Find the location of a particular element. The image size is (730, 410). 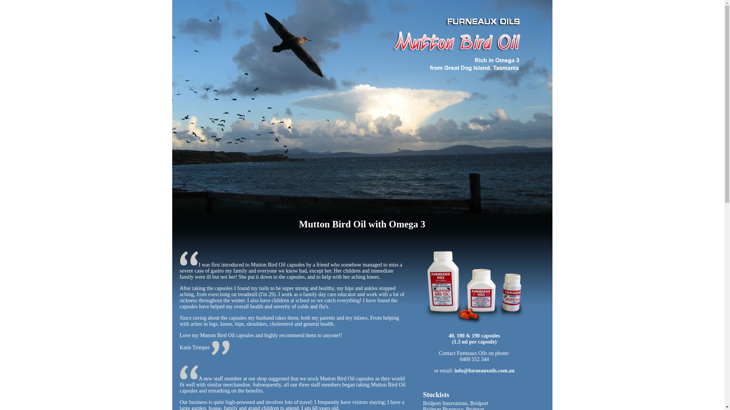

'info@furneauxoils.com.au' is located at coordinates (484, 370).